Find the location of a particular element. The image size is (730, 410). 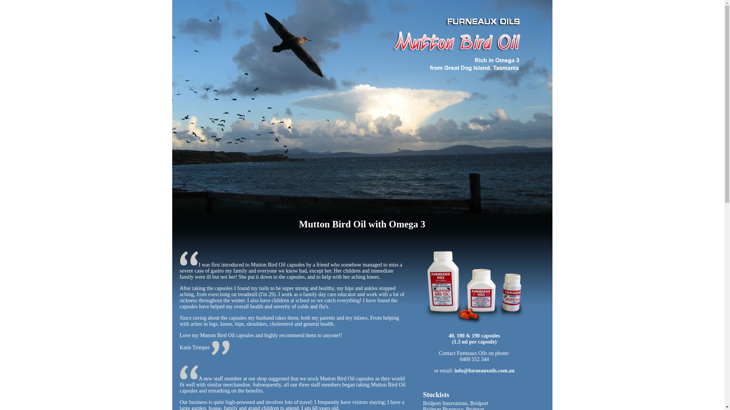

'info@furneauxoils.com.au' is located at coordinates (484, 370).